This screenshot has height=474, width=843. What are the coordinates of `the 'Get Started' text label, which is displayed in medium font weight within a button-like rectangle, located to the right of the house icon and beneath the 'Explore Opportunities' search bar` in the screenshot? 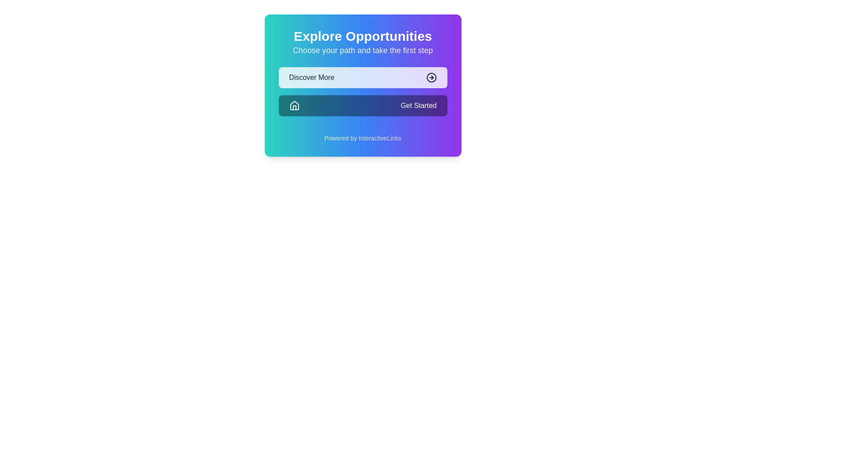 It's located at (418, 105).